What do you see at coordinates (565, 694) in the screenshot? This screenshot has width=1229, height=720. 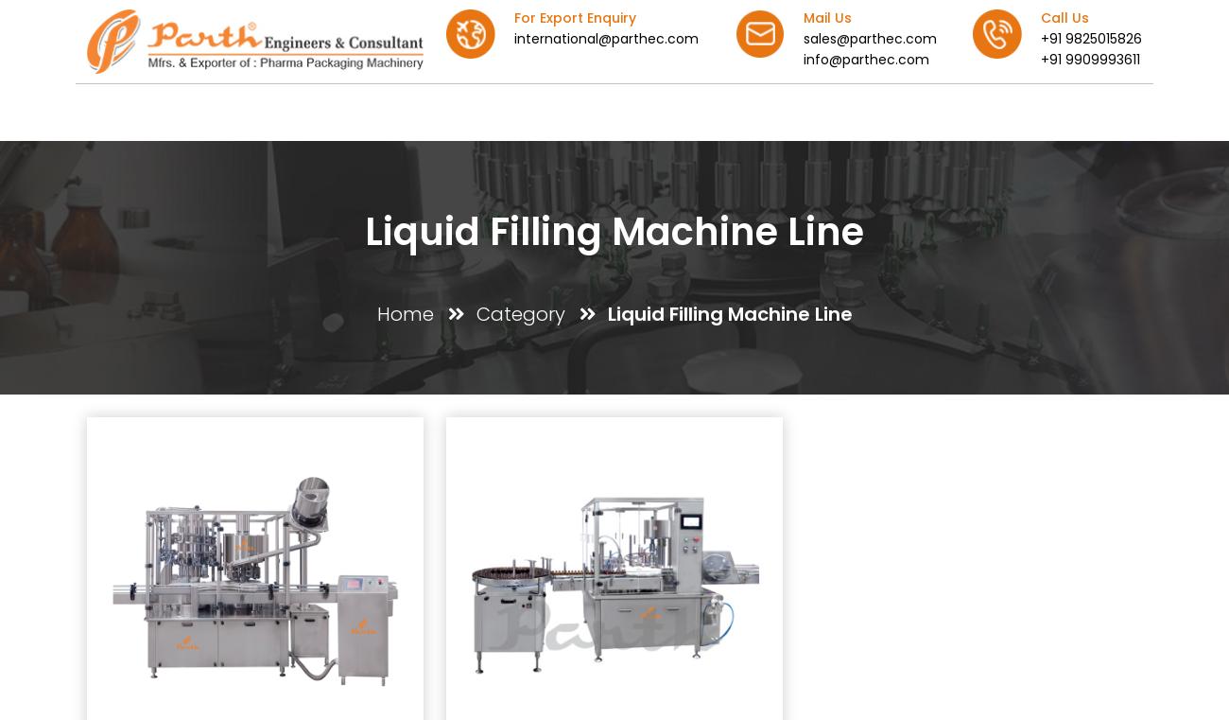 I see `'sales@parthec.com'` at bounding box center [565, 694].